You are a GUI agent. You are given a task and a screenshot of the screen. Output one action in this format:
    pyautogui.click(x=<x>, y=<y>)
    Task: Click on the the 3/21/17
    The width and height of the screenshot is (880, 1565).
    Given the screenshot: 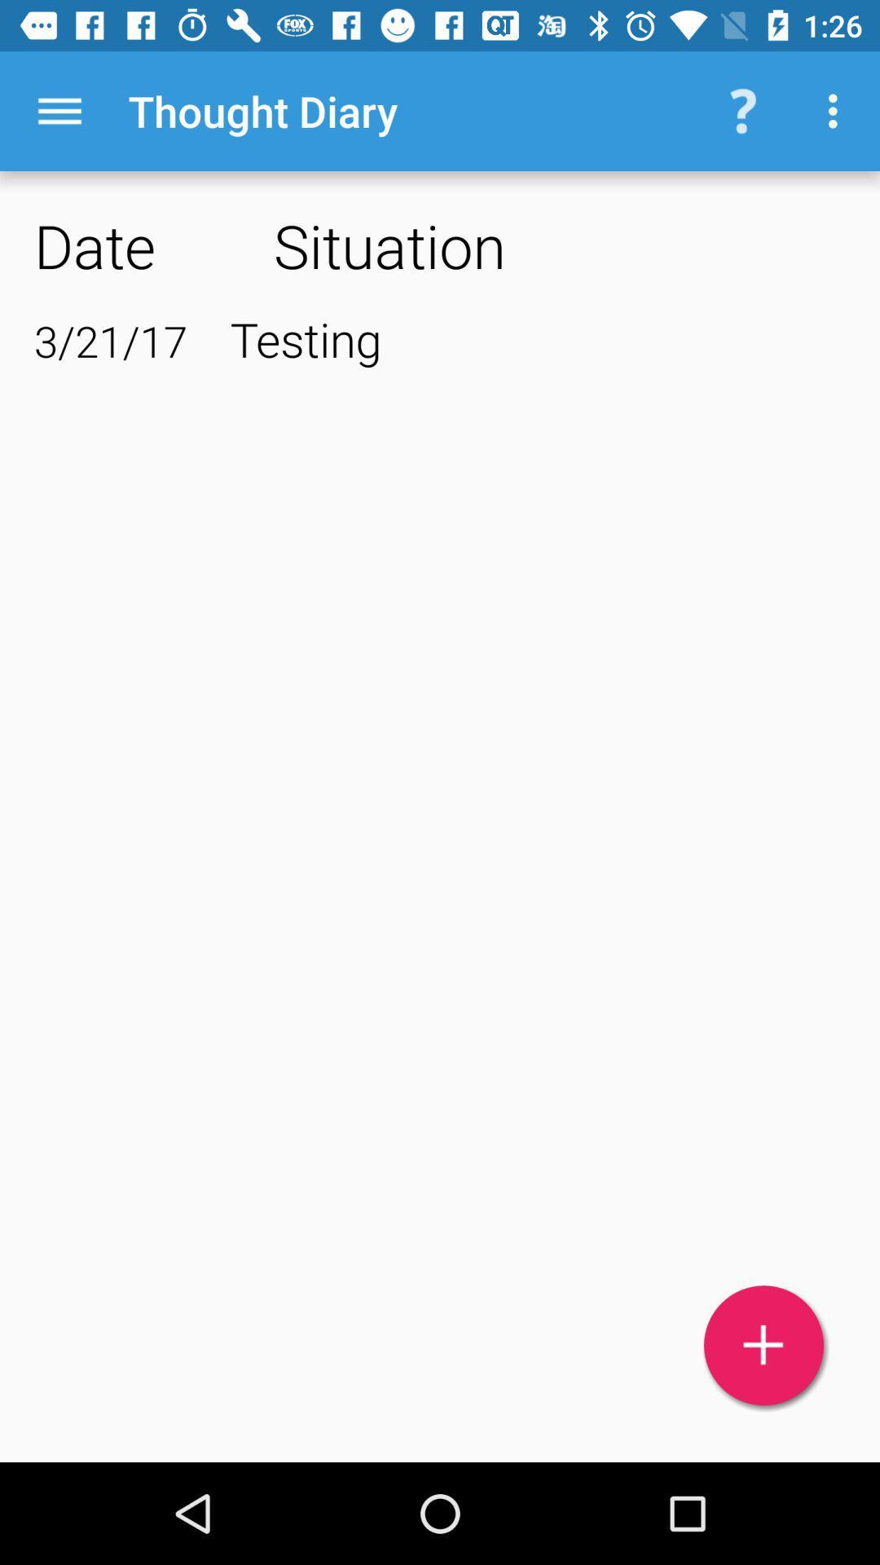 What is the action you would take?
    pyautogui.click(x=110, y=340)
    